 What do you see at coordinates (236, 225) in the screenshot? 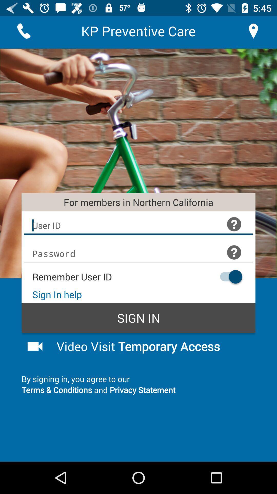
I see `the help icon` at bounding box center [236, 225].